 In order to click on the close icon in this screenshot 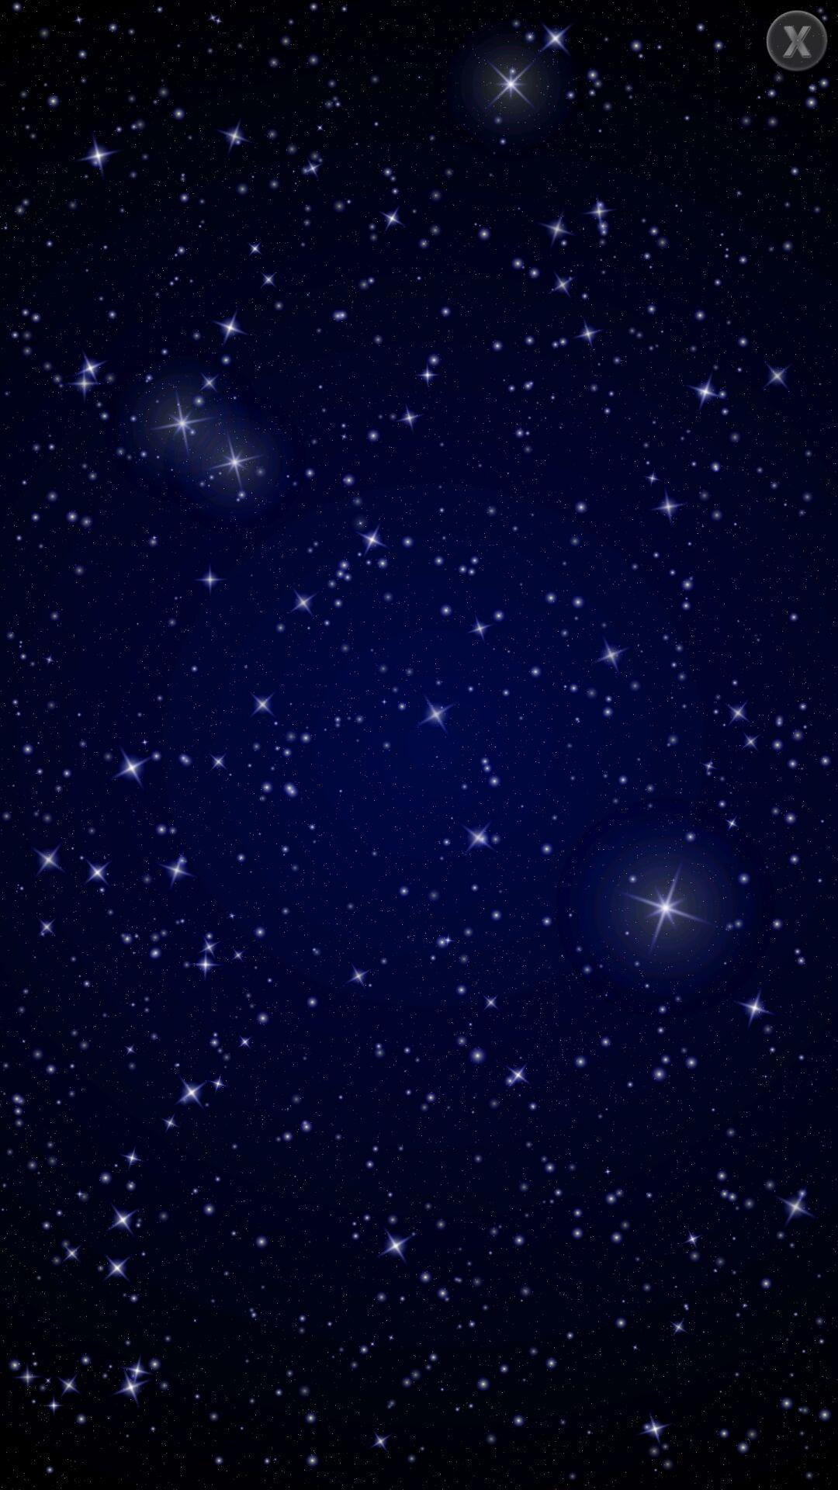, I will do `click(797, 40)`.